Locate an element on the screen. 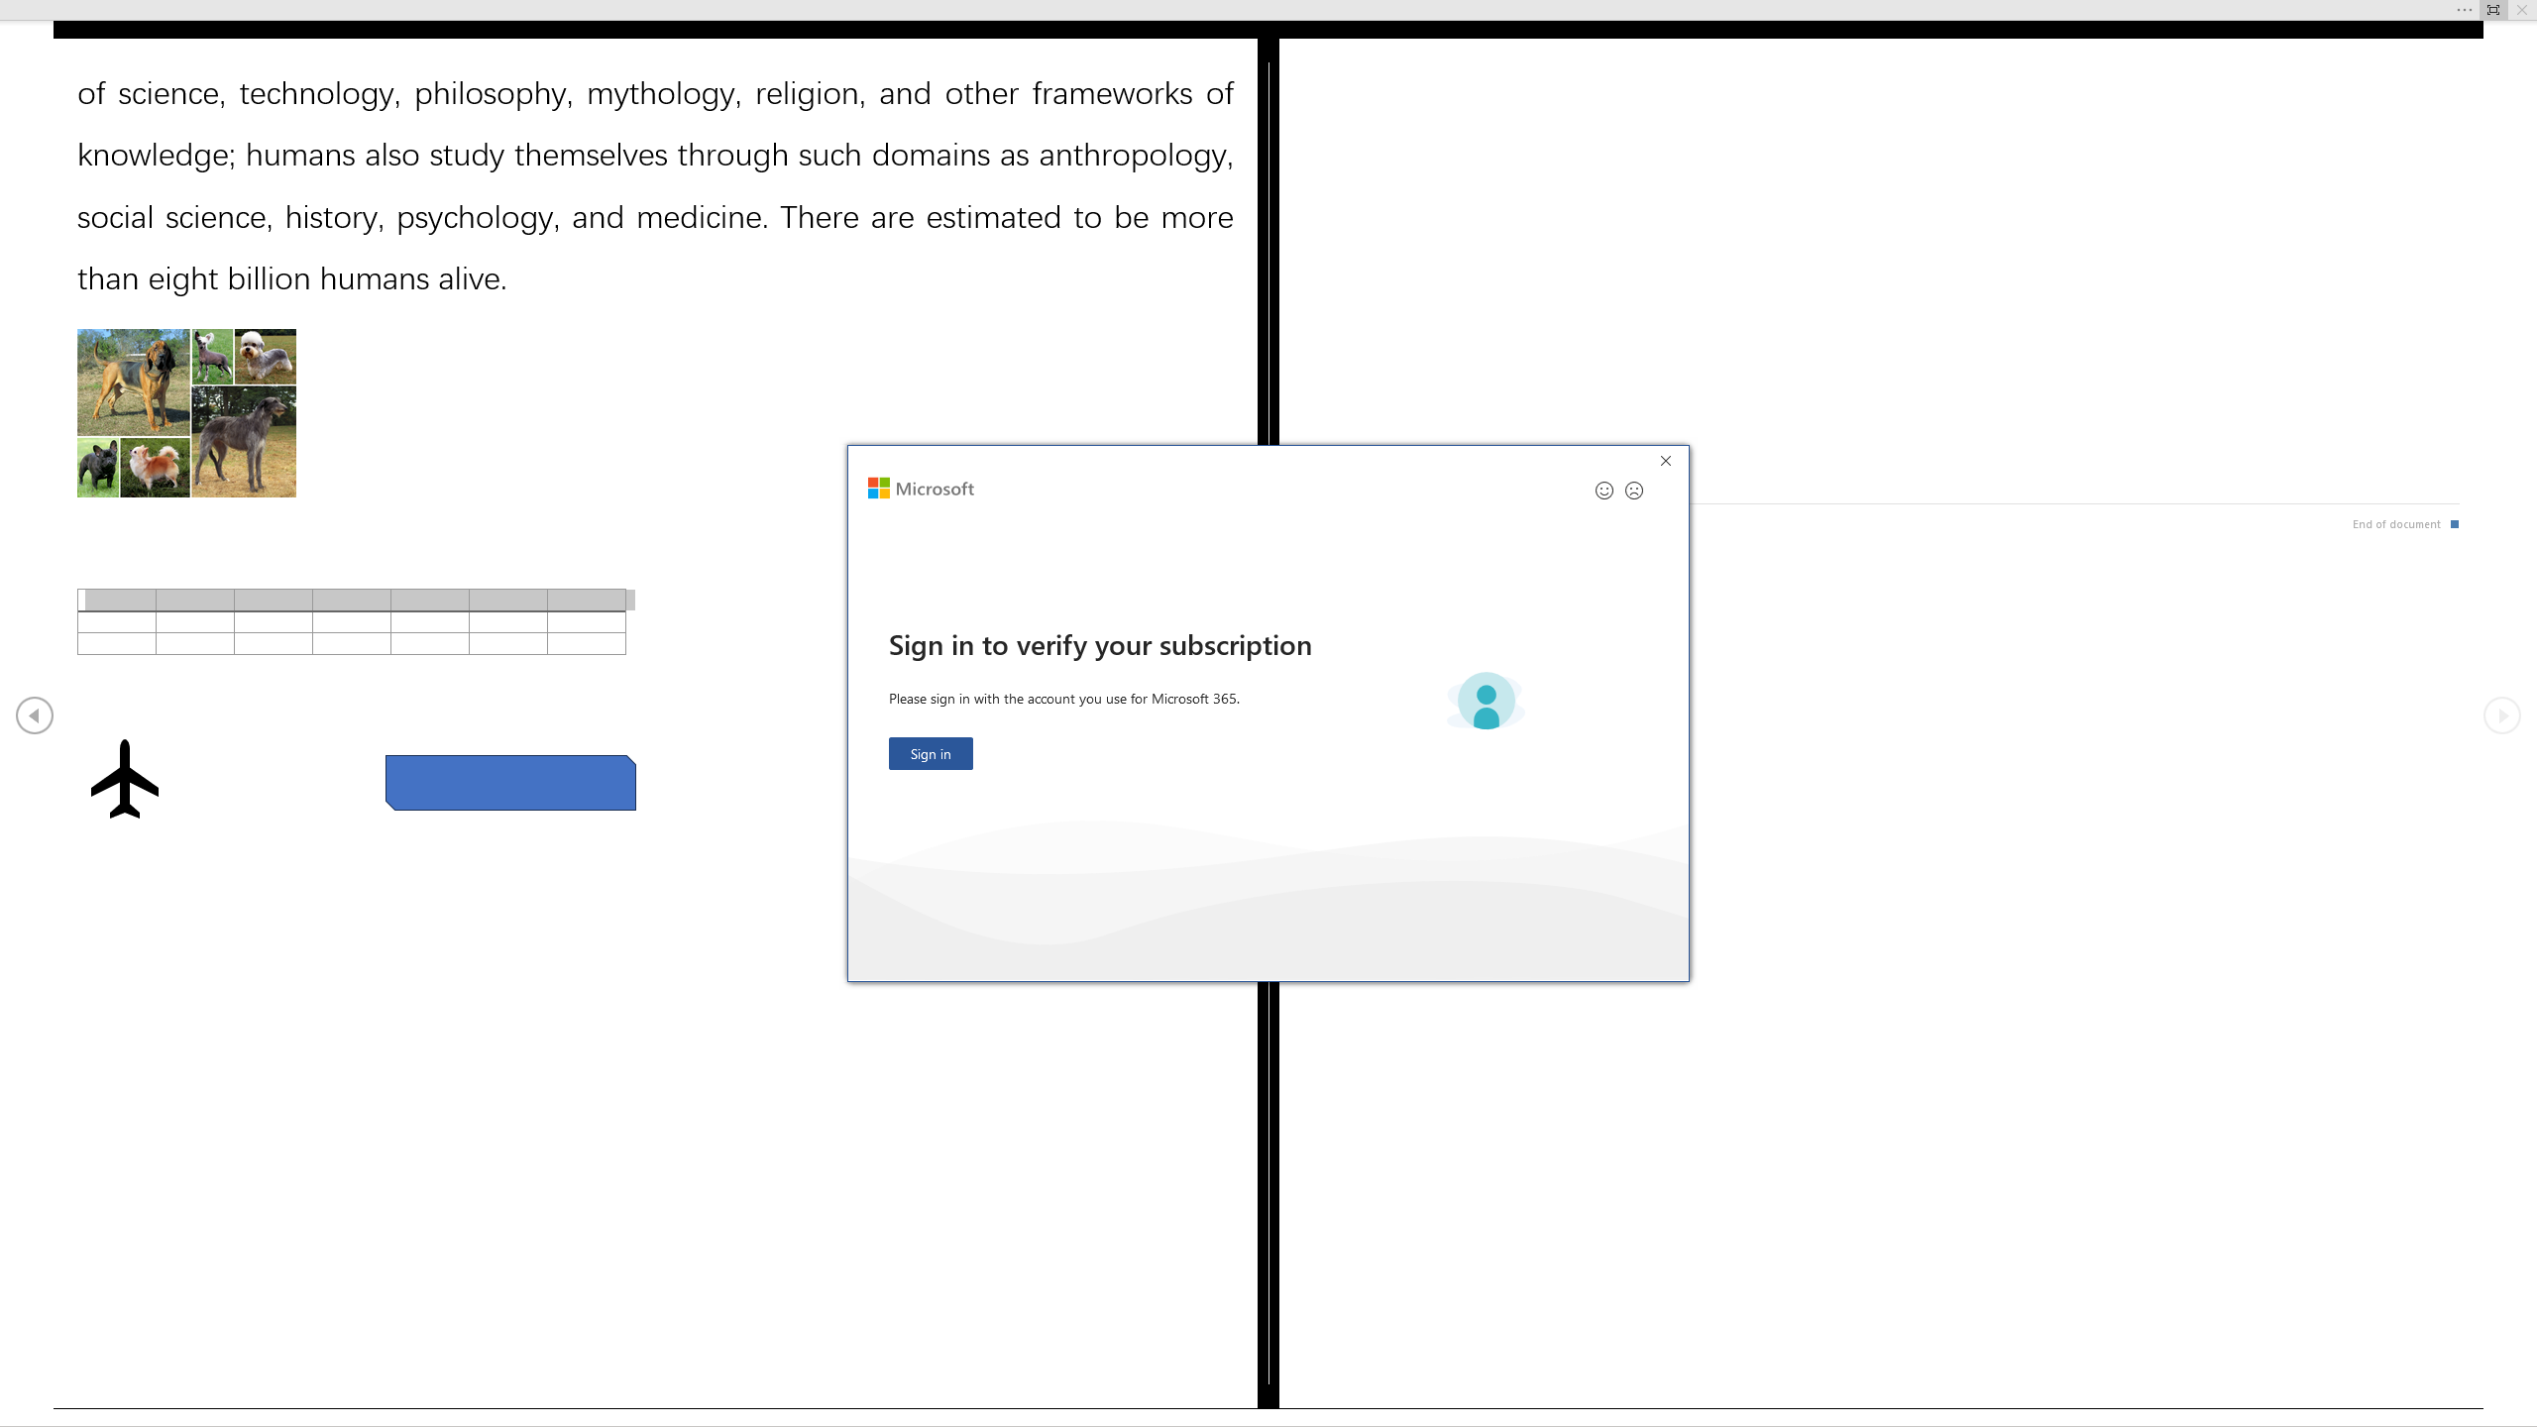 The image size is (2537, 1427). 'Rectangle: Diagonal Corners Snipped 2' is located at coordinates (509, 781).